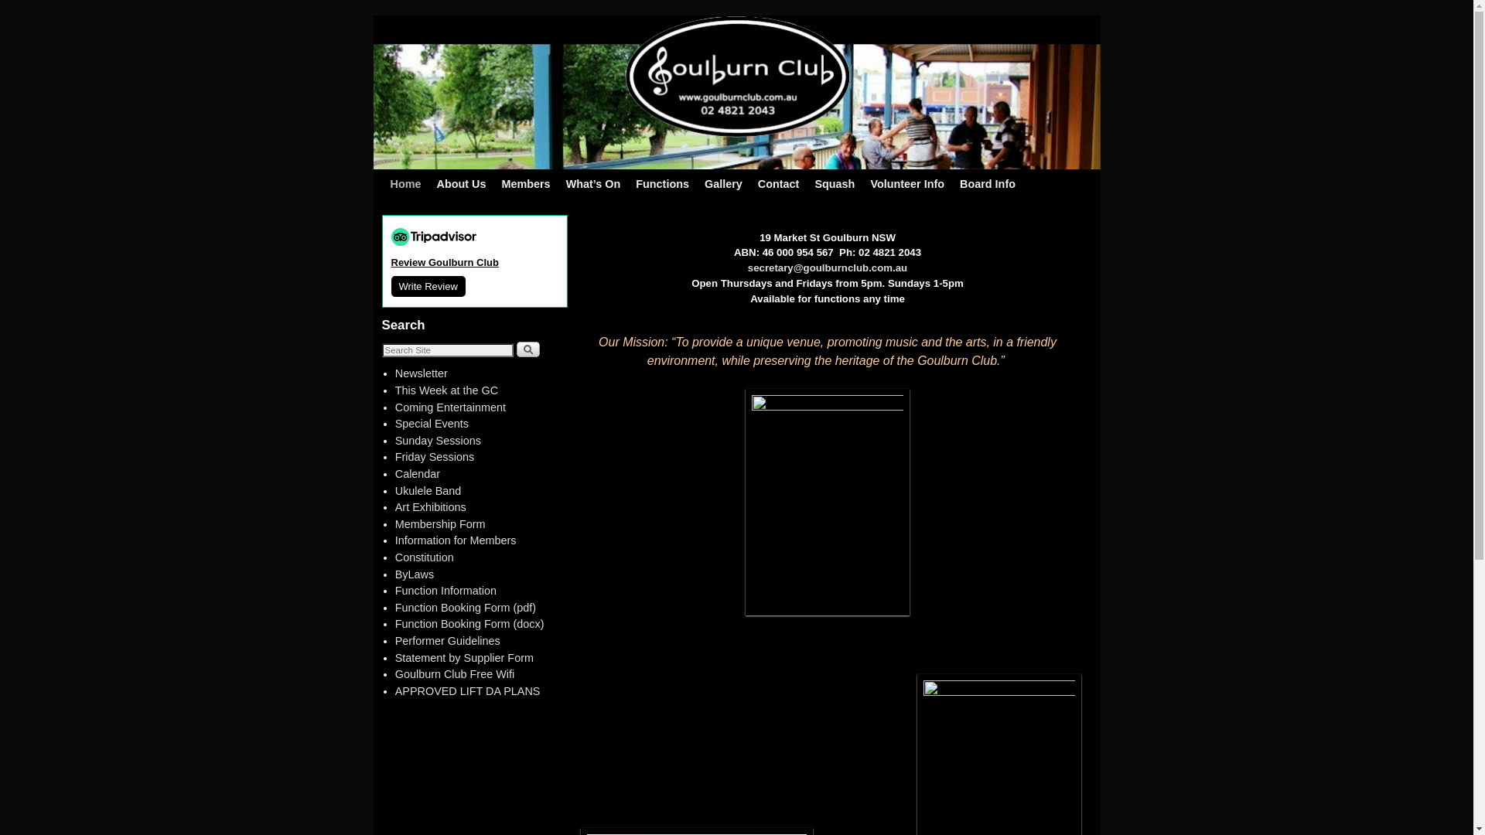  I want to click on 'Special Events', so click(394, 423).